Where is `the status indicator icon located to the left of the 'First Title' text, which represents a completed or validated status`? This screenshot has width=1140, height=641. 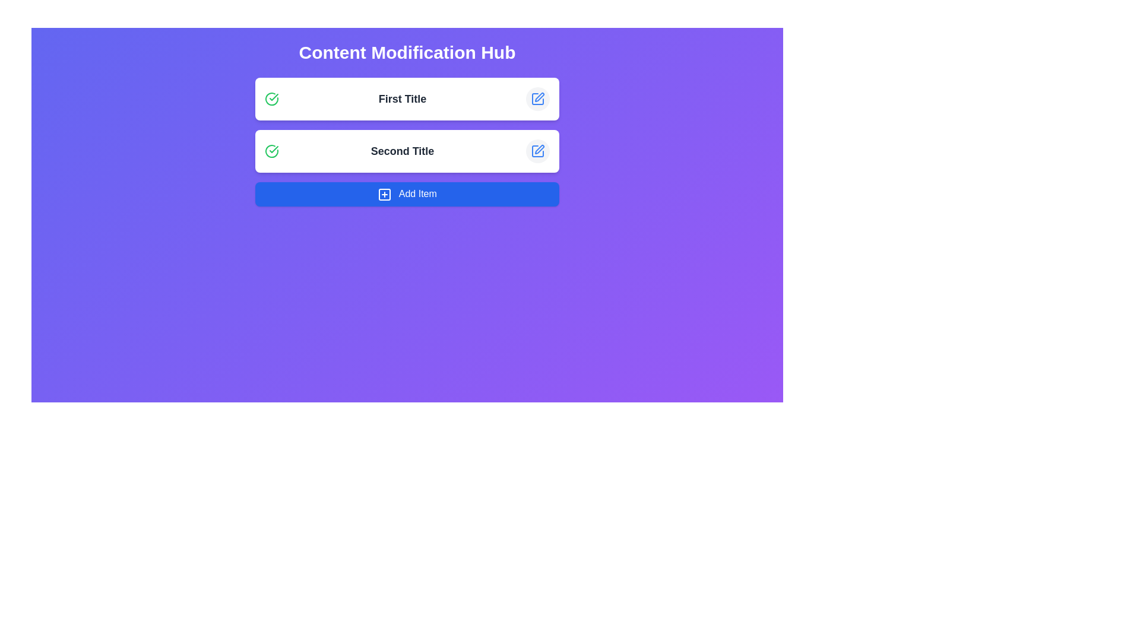
the status indicator icon located to the left of the 'First Title' text, which represents a completed or validated status is located at coordinates (271, 98).